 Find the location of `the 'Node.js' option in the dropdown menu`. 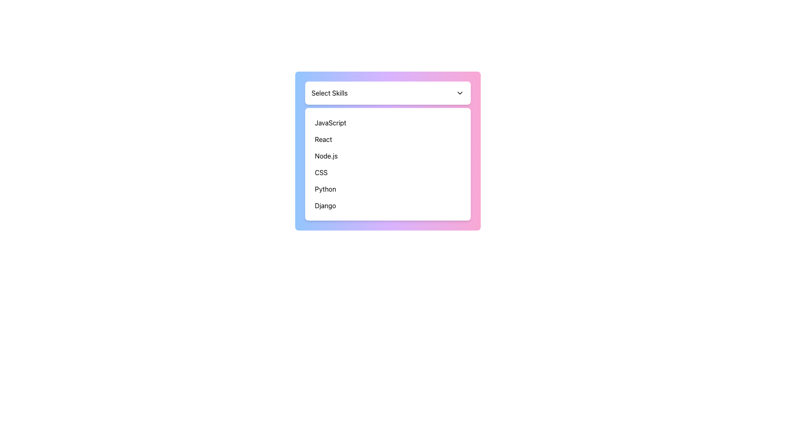

the 'Node.js' option in the dropdown menu is located at coordinates (326, 156).